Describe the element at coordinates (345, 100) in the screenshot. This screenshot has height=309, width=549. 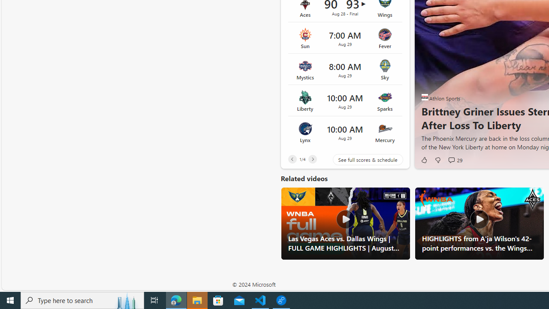
I see `'Liberty vs Sparks Time 10:00 AM Date Aug 29'` at that location.